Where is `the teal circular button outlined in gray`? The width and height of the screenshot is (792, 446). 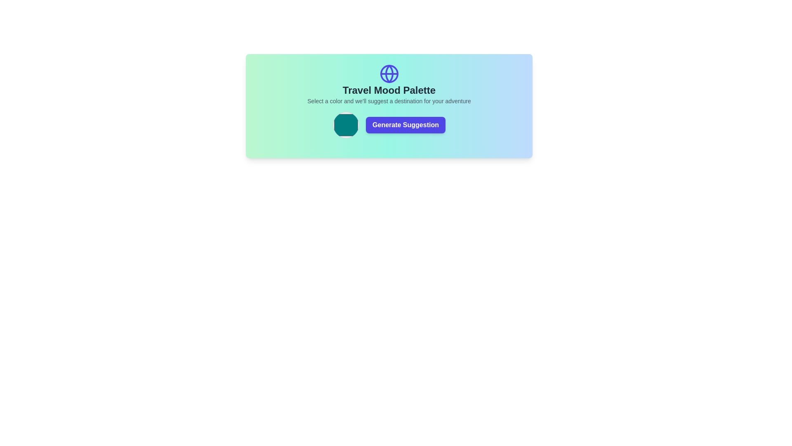
the teal circular button outlined in gray is located at coordinates (346, 125).